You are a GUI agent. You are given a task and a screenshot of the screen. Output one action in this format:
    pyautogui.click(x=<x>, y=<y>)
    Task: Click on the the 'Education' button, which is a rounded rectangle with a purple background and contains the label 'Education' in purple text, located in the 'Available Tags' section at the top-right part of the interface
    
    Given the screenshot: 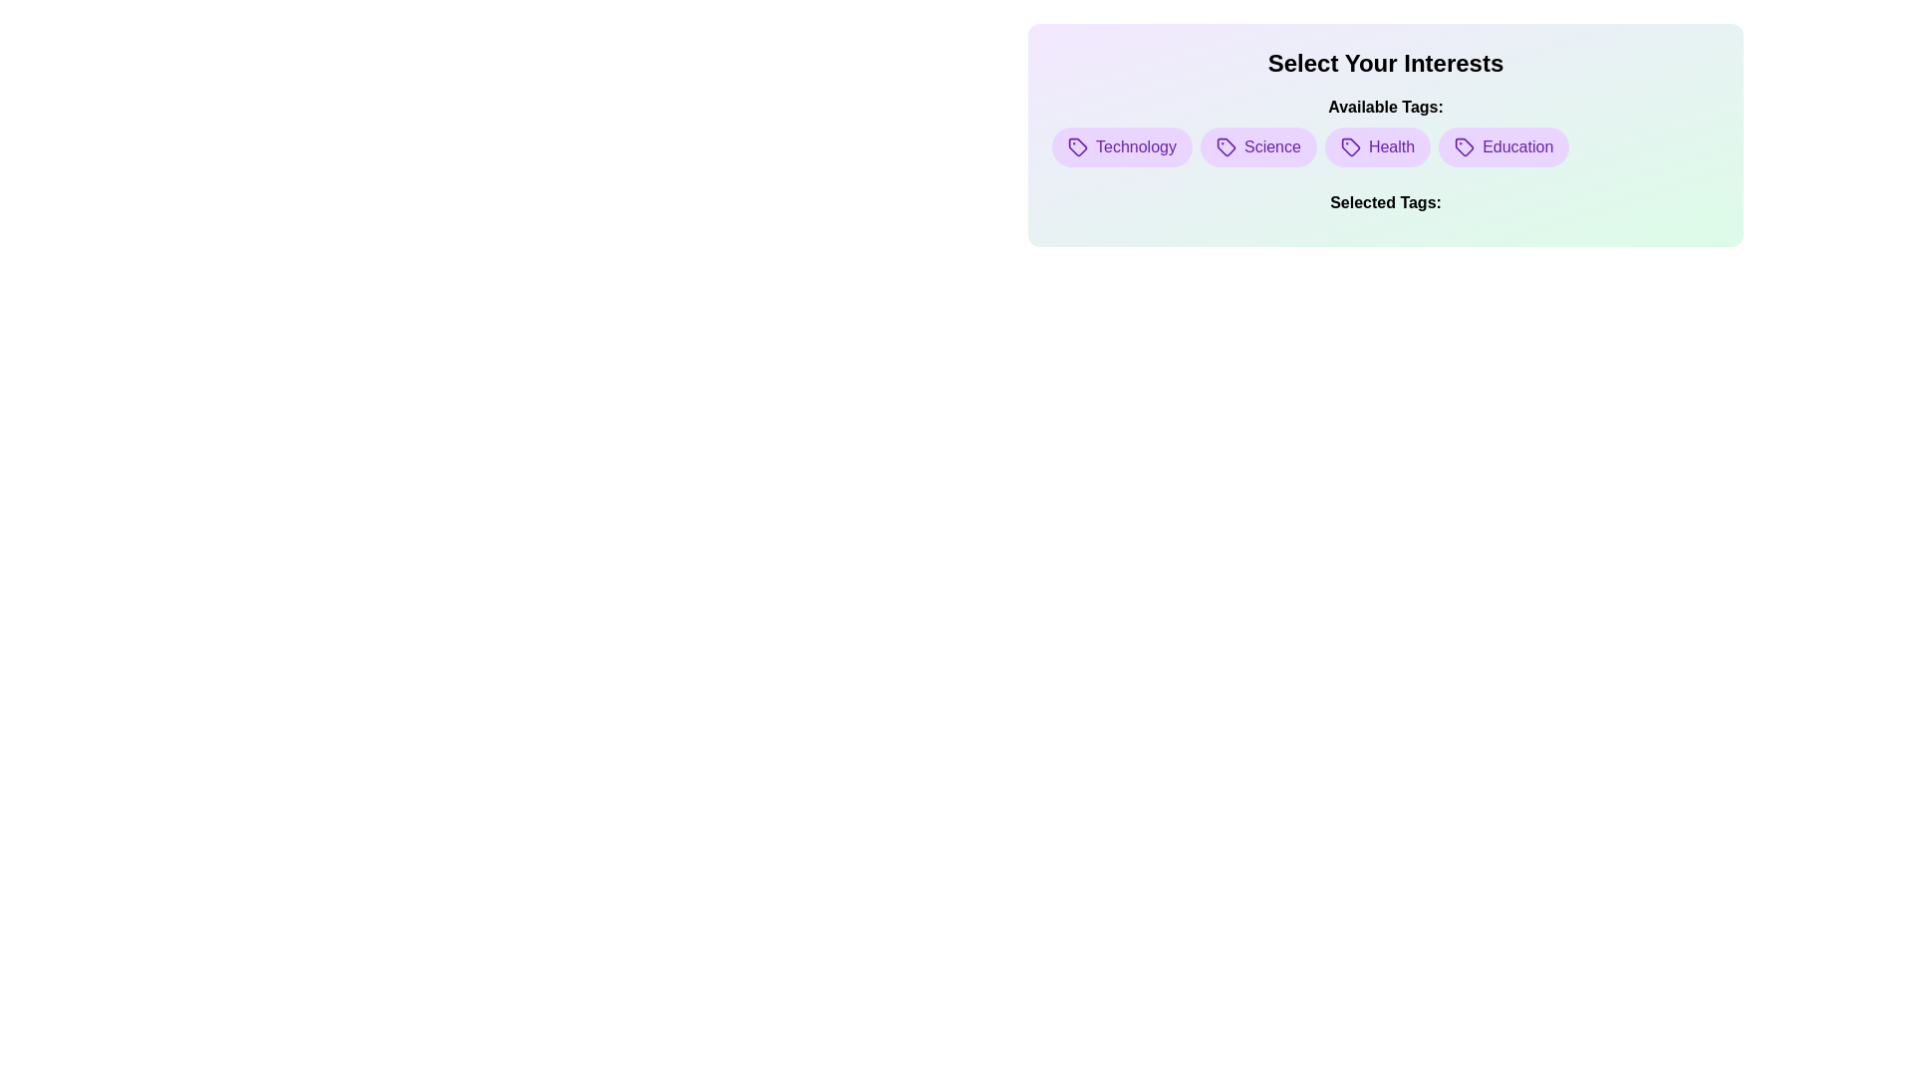 What is the action you would take?
    pyautogui.click(x=1503, y=145)
    